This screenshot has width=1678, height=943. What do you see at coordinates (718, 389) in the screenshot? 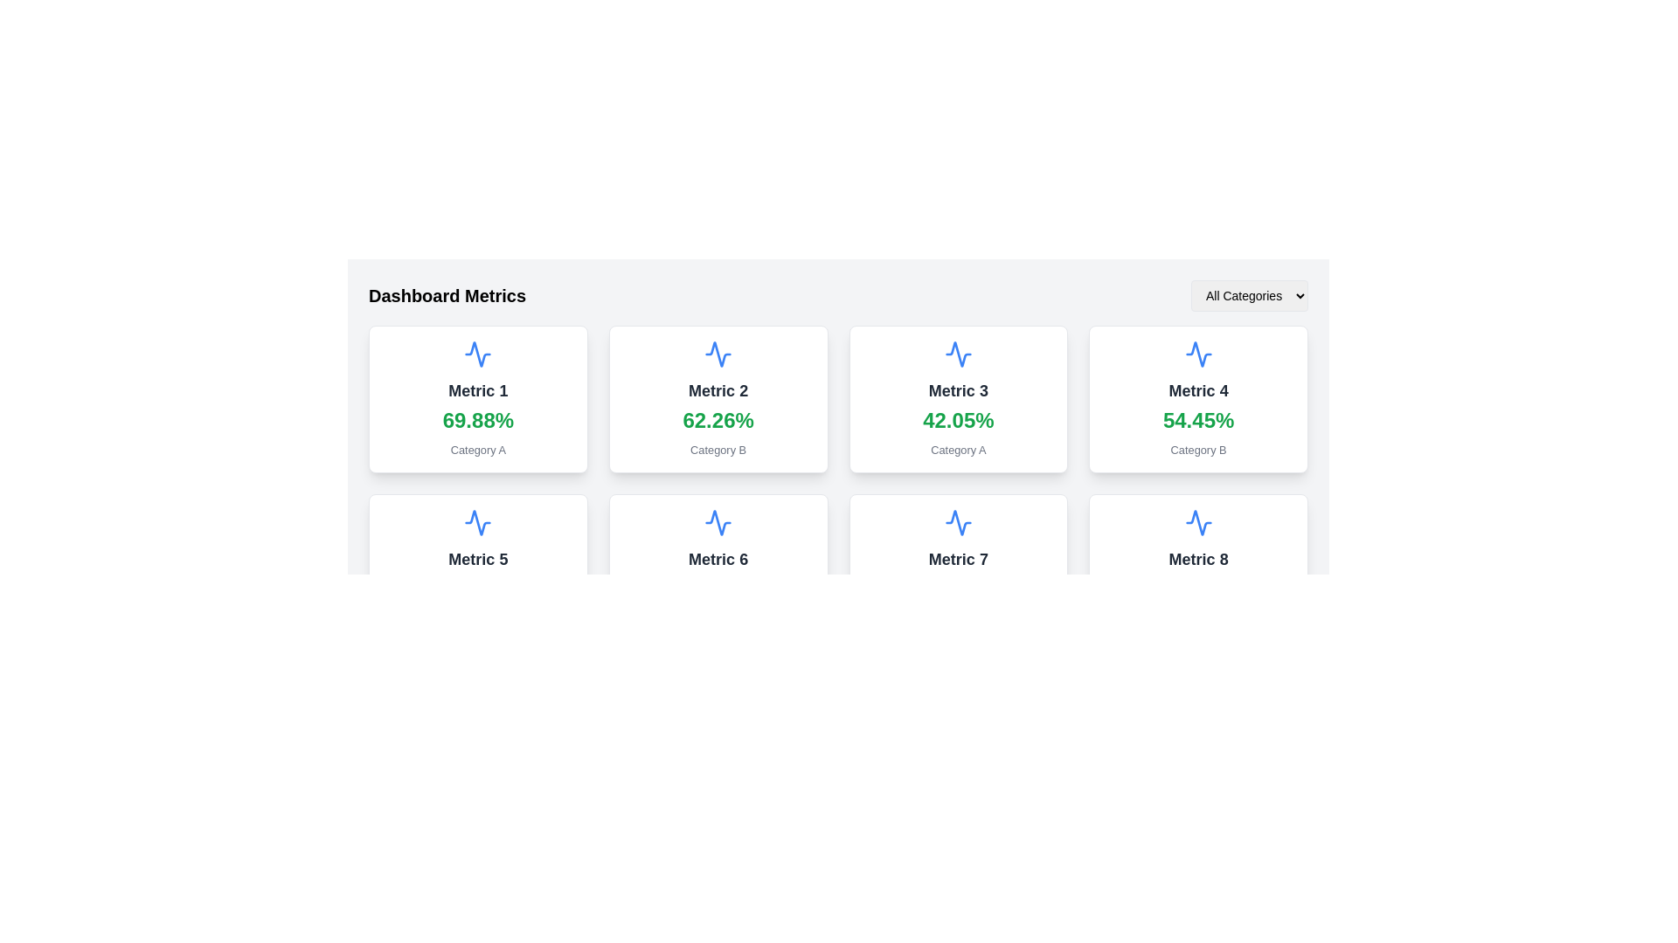
I see `text content of the title label located in the upper text region of the second card in the metrics grid, which is above the percentage value '62.26%'` at bounding box center [718, 389].